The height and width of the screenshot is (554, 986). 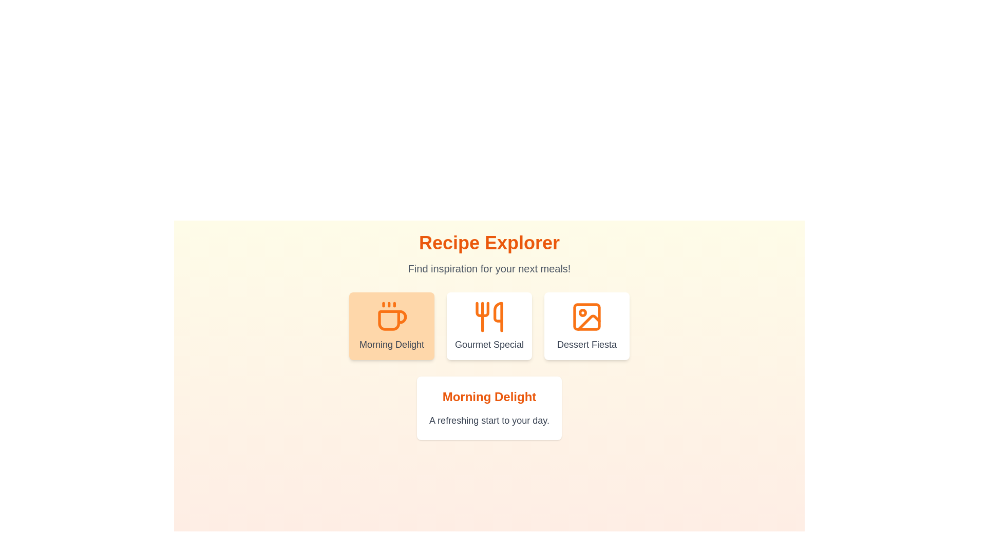 What do you see at coordinates (489, 268) in the screenshot?
I see `the text of the subtitle or tagline located below the 'Recipe Explorer' label and above the grid layout containing meal recipe cards` at bounding box center [489, 268].